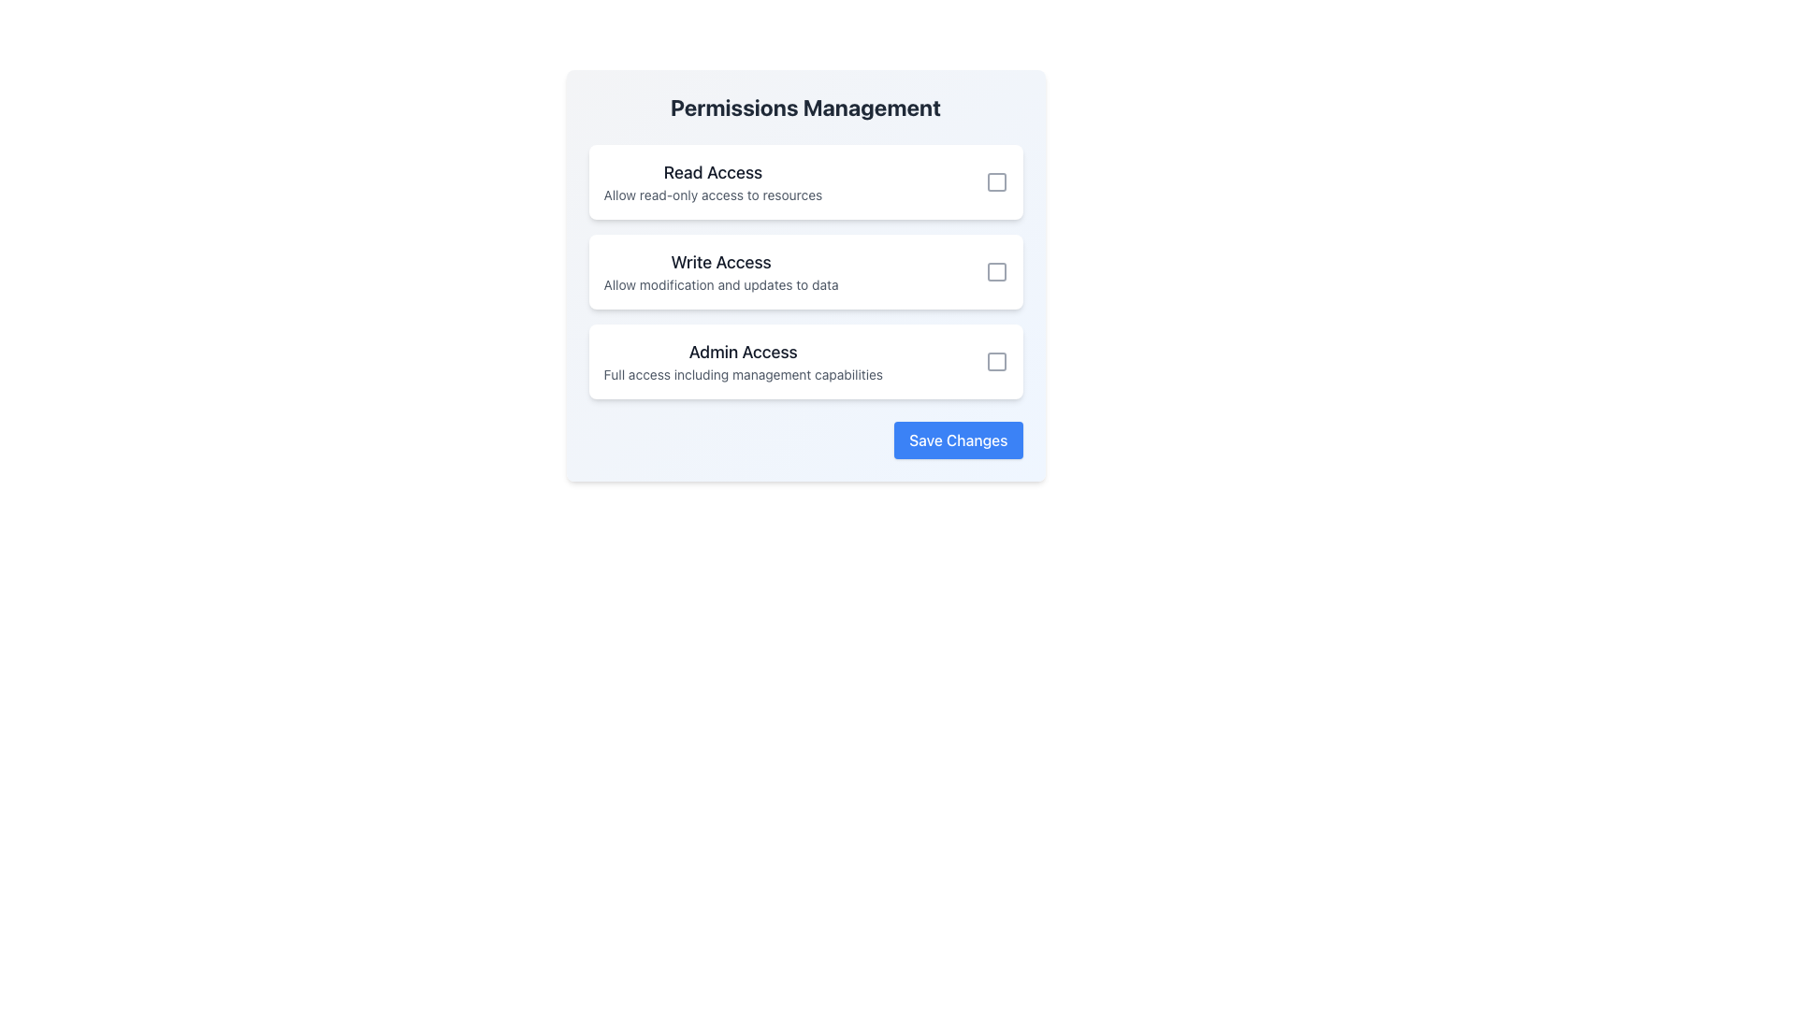 Image resolution: width=1796 pixels, height=1010 pixels. I want to click on the checkbox on the Permission option card, so click(805, 271).